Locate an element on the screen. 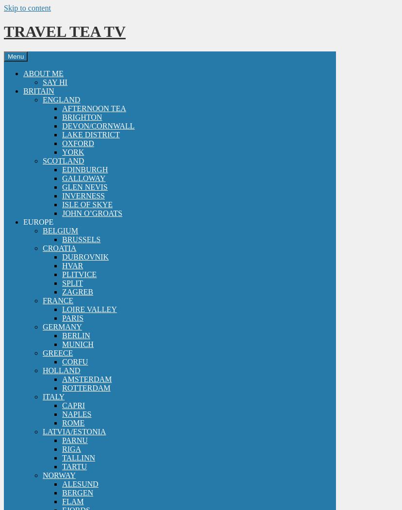 The height and width of the screenshot is (510, 402). 'EDINBURGH' is located at coordinates (62, 169).